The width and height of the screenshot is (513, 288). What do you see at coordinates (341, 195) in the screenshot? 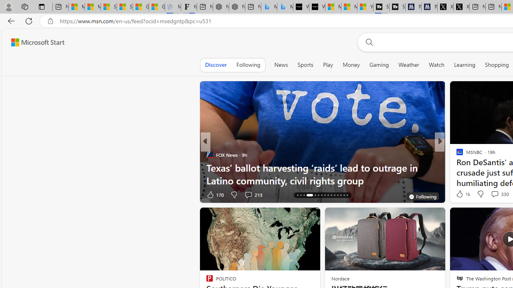
I see `'AutomationID: tab-28'` at bounding box center [341, 195].